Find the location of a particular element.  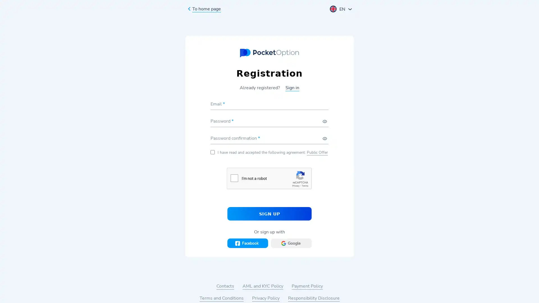

SIGN UP is located at coordinates (269, 213).